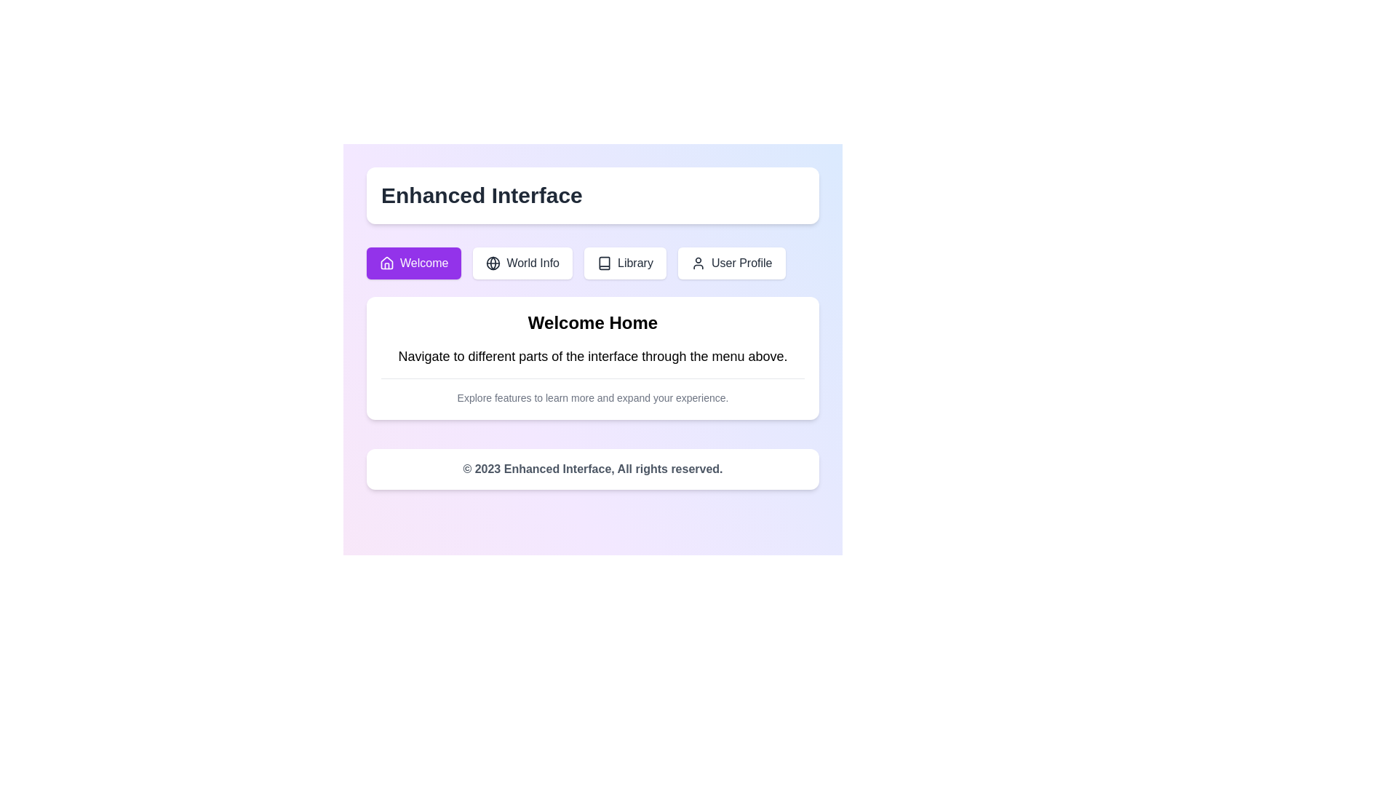 The image size is (1397, 786). What do you see at coordinates (625, 263) in the screenshot?
I see `the 'Library' button` at bounding box center [625, 263].